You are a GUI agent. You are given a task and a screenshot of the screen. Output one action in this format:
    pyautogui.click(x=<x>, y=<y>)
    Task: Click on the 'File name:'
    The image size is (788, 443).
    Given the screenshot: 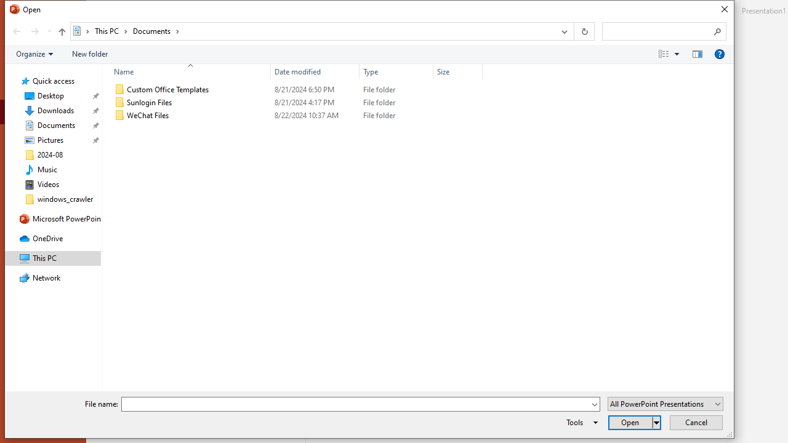 What is the action you would take?
    pyautogui.click(x=360, y=404)
    